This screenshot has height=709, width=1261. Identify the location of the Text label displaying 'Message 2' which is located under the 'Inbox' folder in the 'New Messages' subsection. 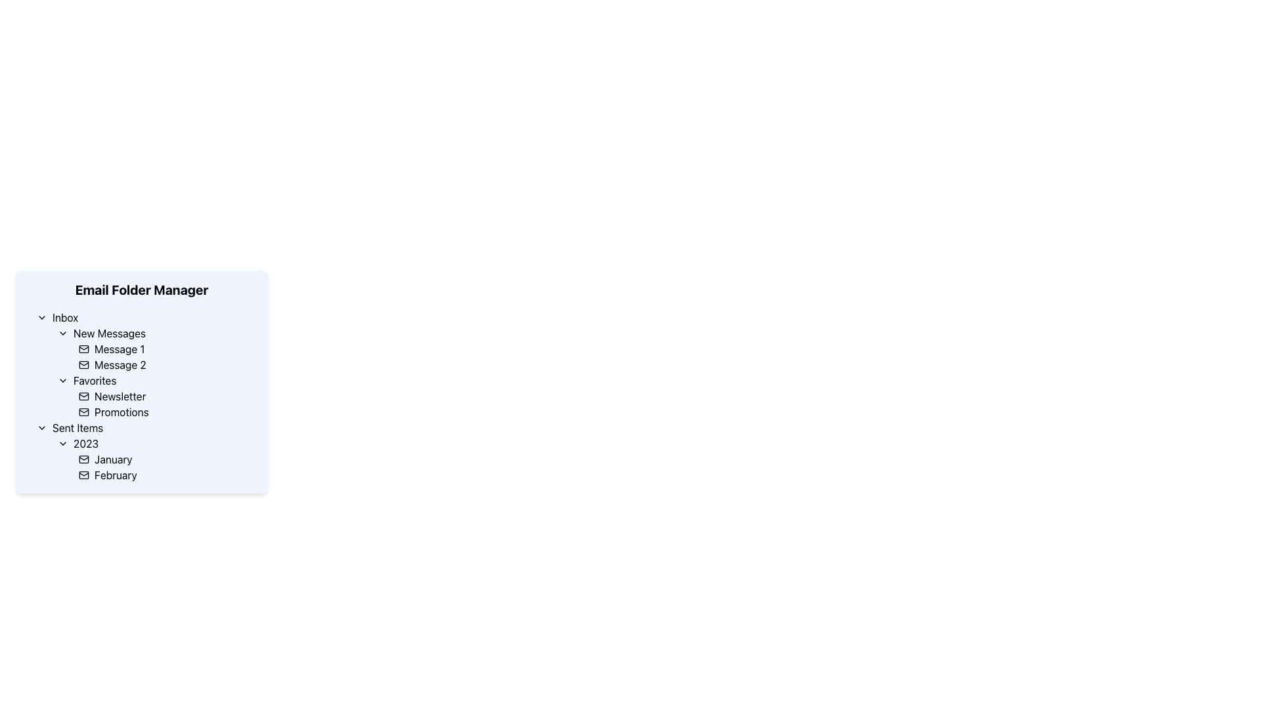
(120, 364).